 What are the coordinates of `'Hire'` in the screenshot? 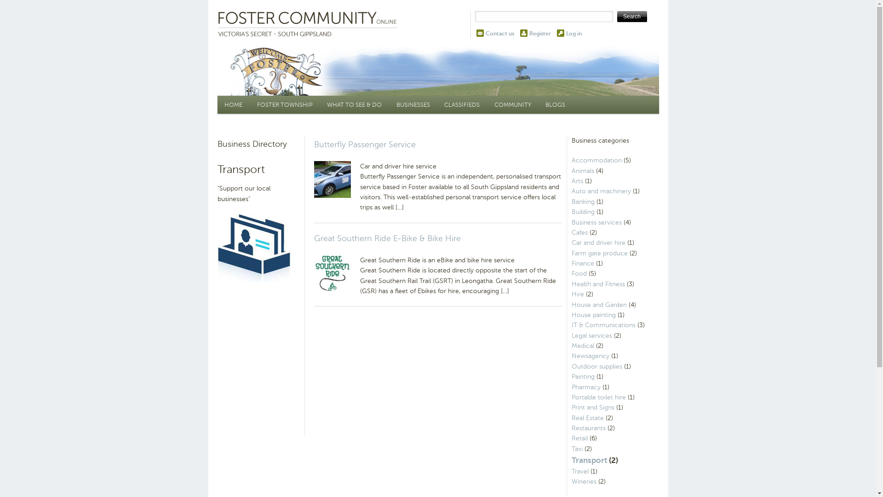 It's located at (577, 294).